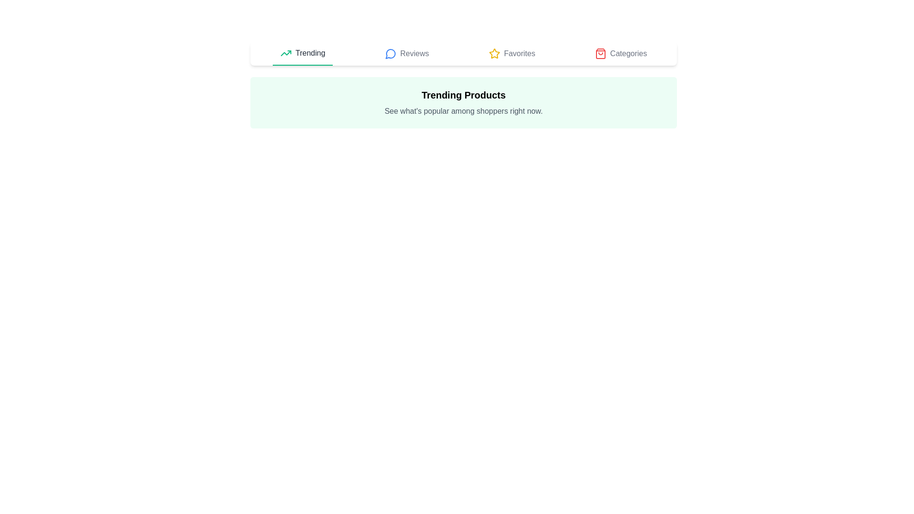  Describe the element at coordinates (414, 53) in the screenshot. I see `the 'Reviews' text label in the navigation bar` at that location.